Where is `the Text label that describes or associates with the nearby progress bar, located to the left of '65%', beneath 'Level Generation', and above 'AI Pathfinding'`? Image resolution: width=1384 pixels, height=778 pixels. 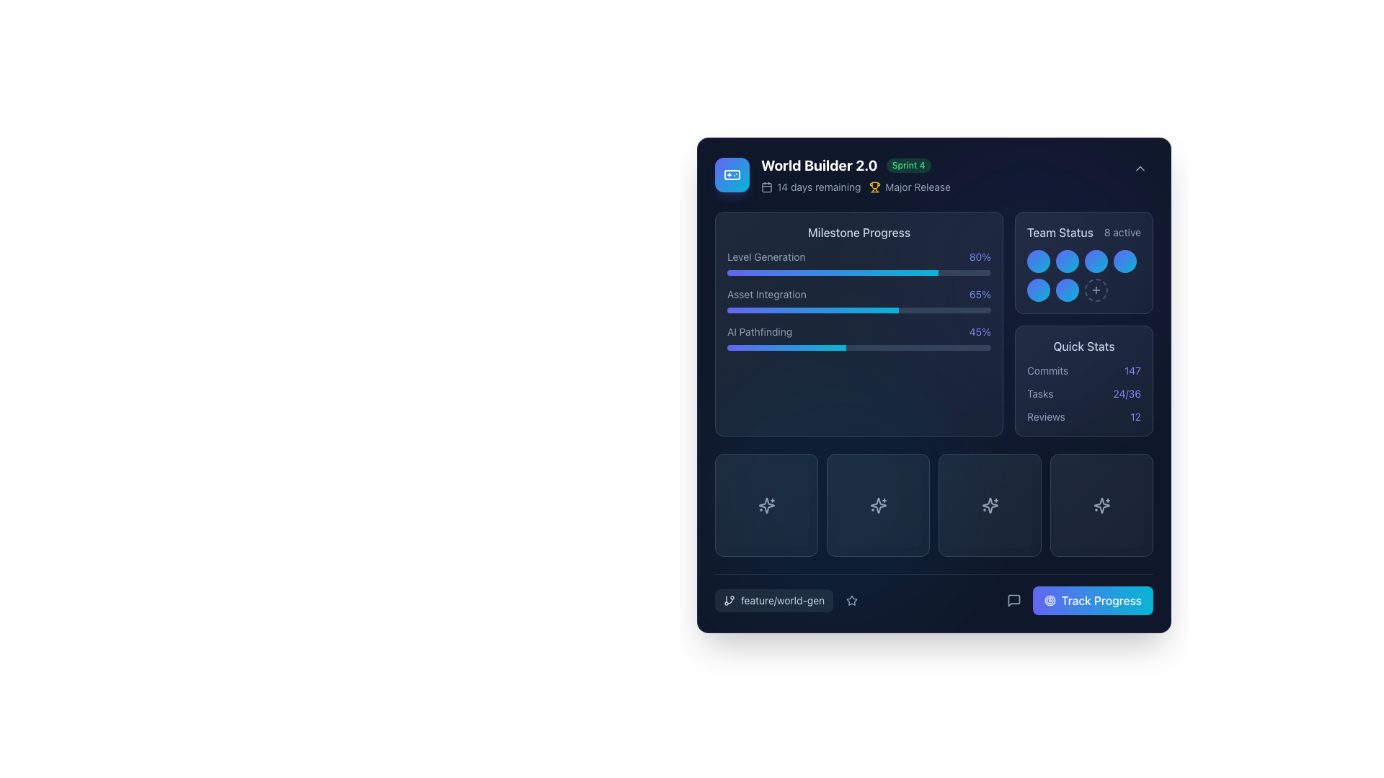 the Text label that describes or associates with the nearby progress bar, located to the left of '65%', beneath 'Level Generation', and above 'AI Pathfinding' is located at coordinates (766, 293).